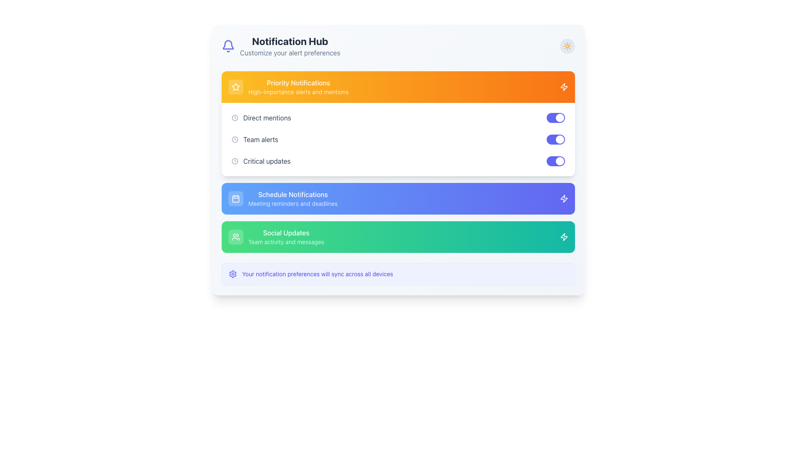  I want to click on text displayed in the 'Schedule Notifications' Text Display element, which shows 'Schedule Notifications' and 'Meeting reminders and deadlines' on a gradient blue background, so click(293, 199).